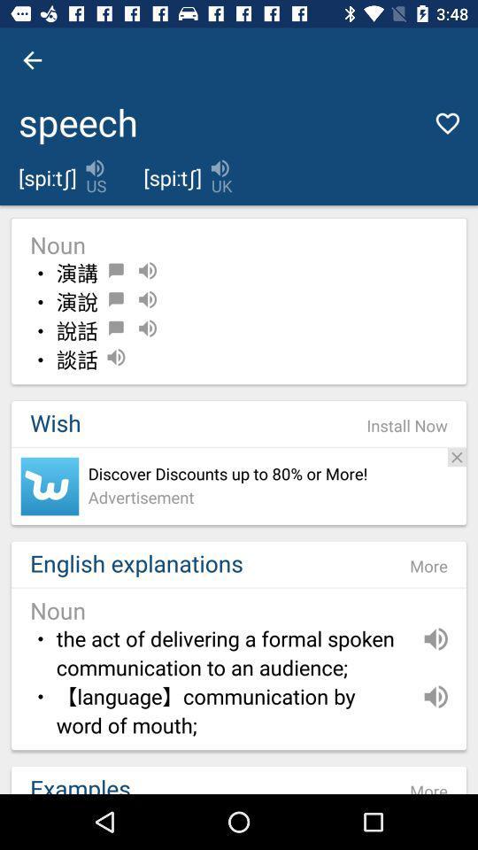  What do you see at coordinates (32, 60) in the screenshot?
I see `icon above the speech item` at bounding box center [32, 60].